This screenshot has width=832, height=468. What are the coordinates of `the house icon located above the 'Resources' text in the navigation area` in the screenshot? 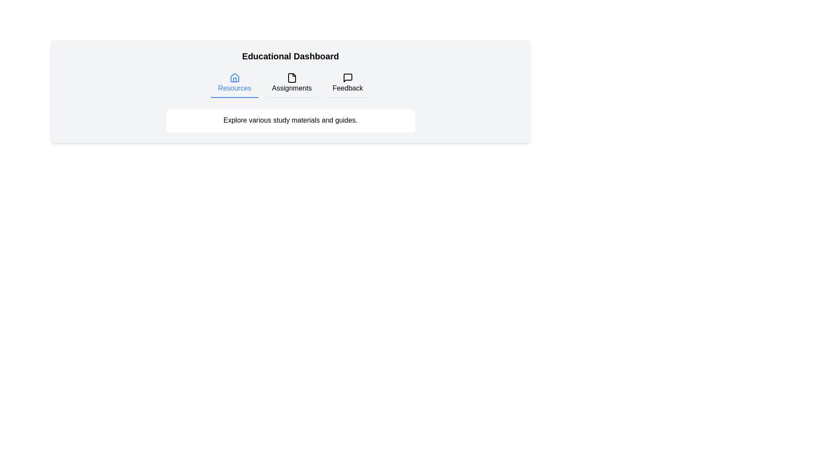 It's located at (234, 78).